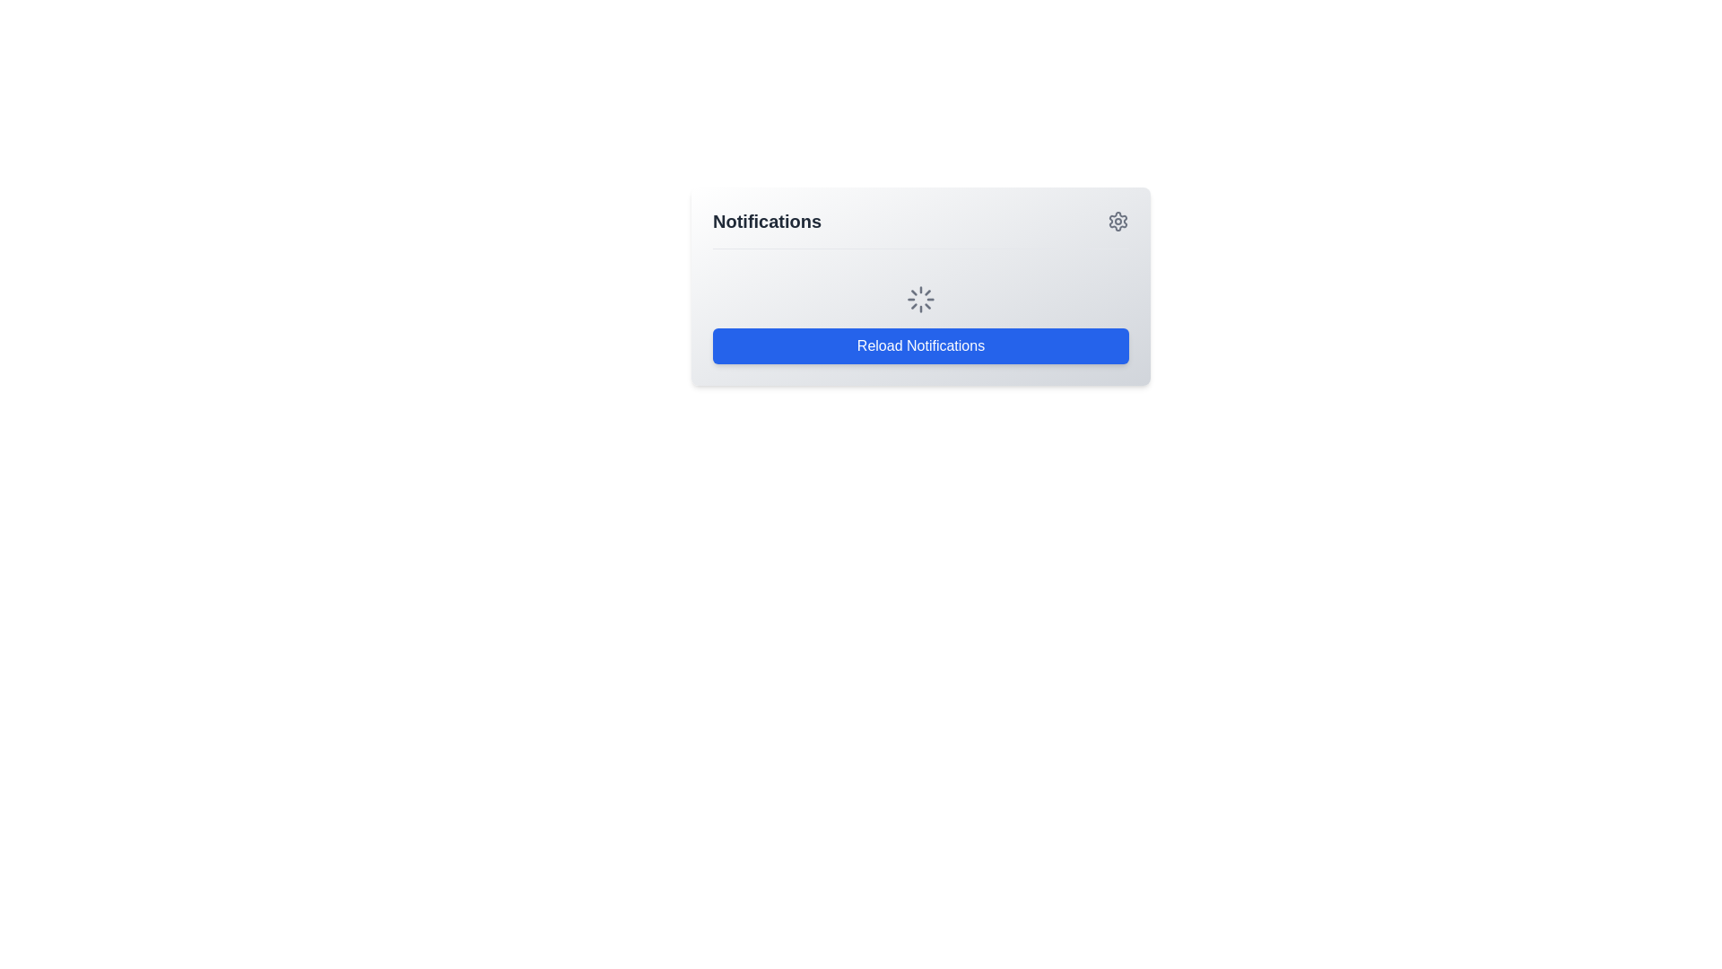 The height and width of the screenshot is (969, 1722). I want to click on the loader or spinner icon that indicates loading or processing actions, which is located centrally above the 'Reload Notifications' button and below the section heading 'Notifications', so click(921, 299).